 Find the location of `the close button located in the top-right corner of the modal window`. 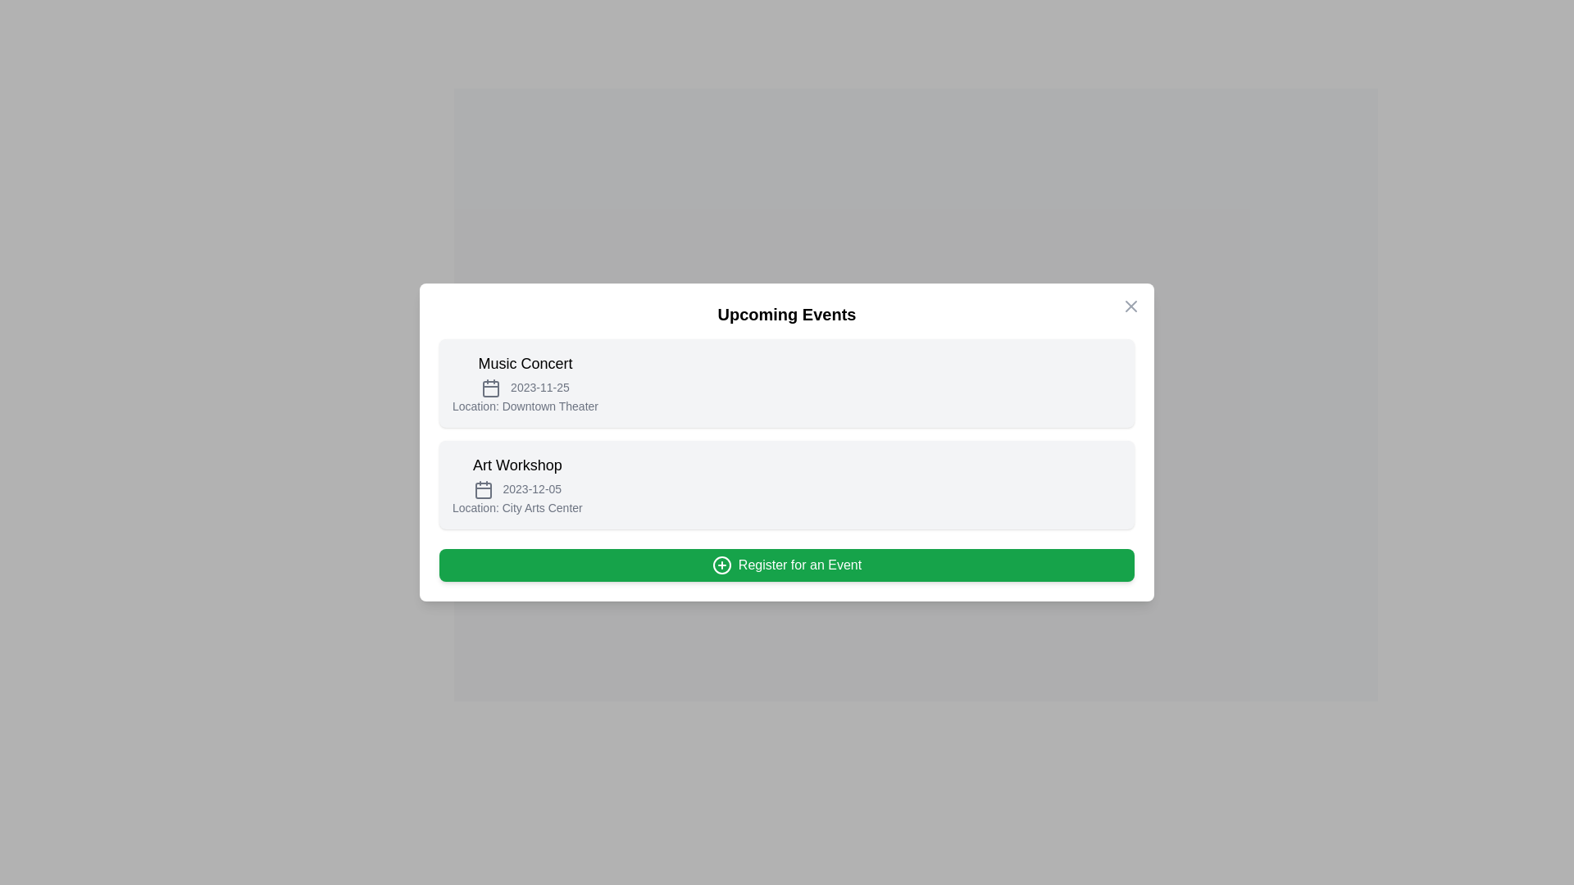

the close button located in the top-right corner of the modal window is located at coordinates (1130, 306).